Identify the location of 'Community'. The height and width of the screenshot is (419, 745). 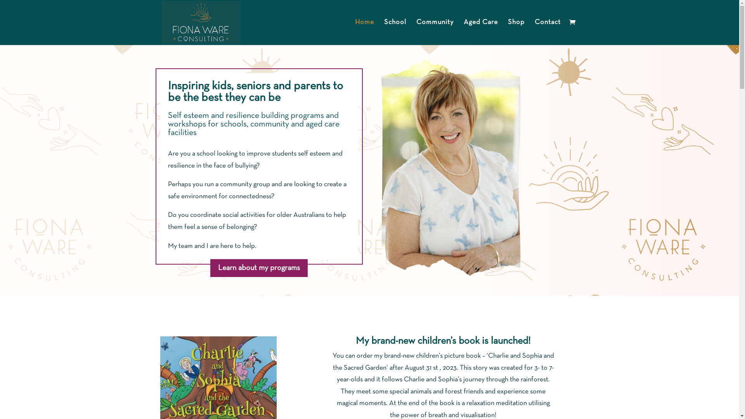
(434, 32).